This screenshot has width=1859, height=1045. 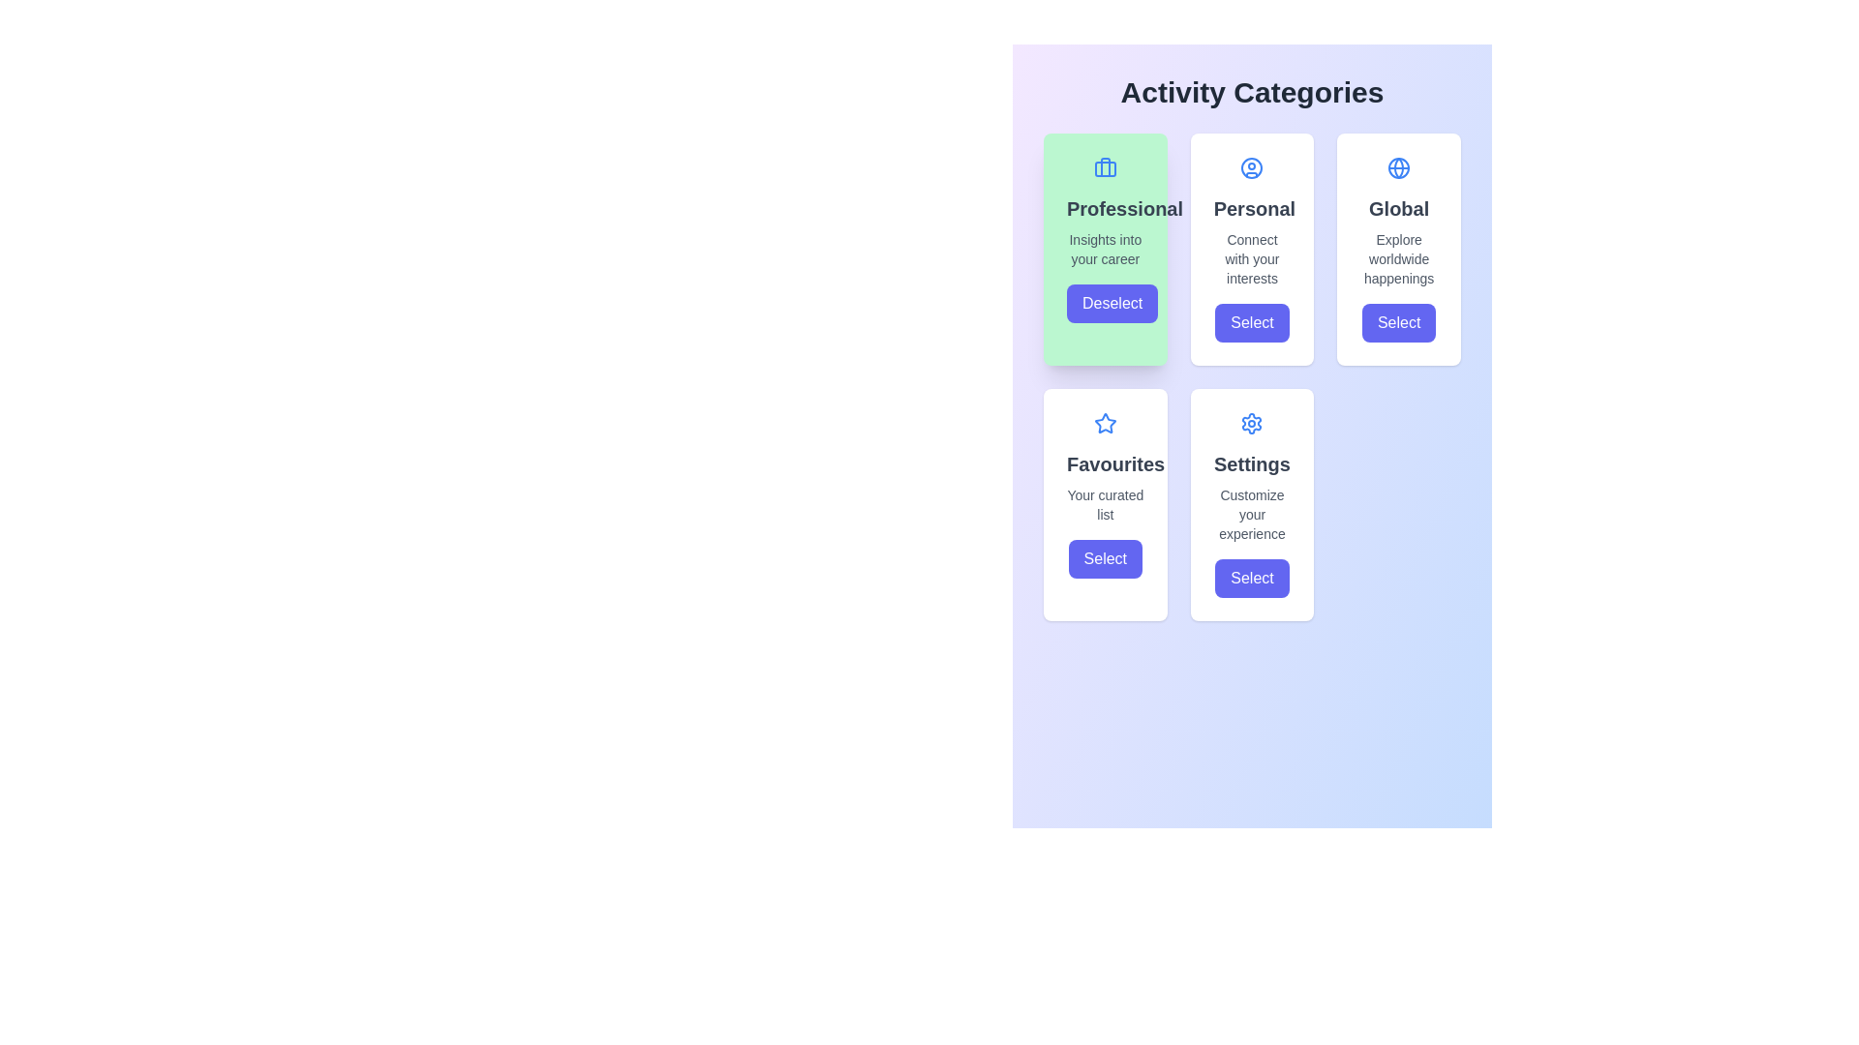 I want to click on the 'Personal' category icon located in the top-right card labeled 'Personal' in the 'Activity Categories' section, which is the second card from the left on the top row, so click(x=1252, y=166).